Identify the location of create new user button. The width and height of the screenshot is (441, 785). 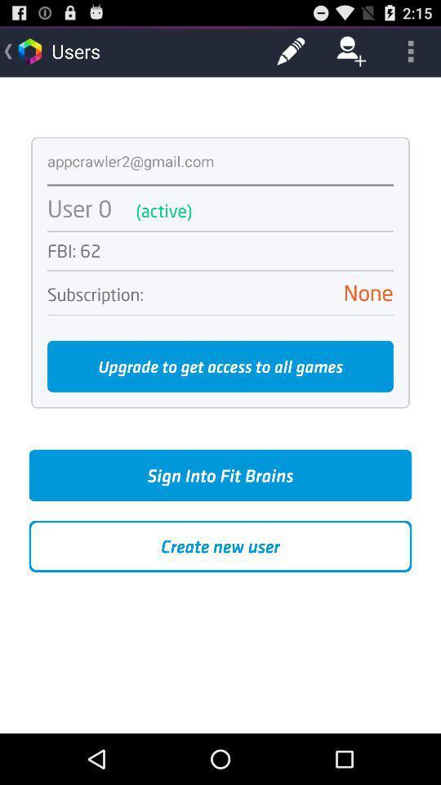
(220, 546).